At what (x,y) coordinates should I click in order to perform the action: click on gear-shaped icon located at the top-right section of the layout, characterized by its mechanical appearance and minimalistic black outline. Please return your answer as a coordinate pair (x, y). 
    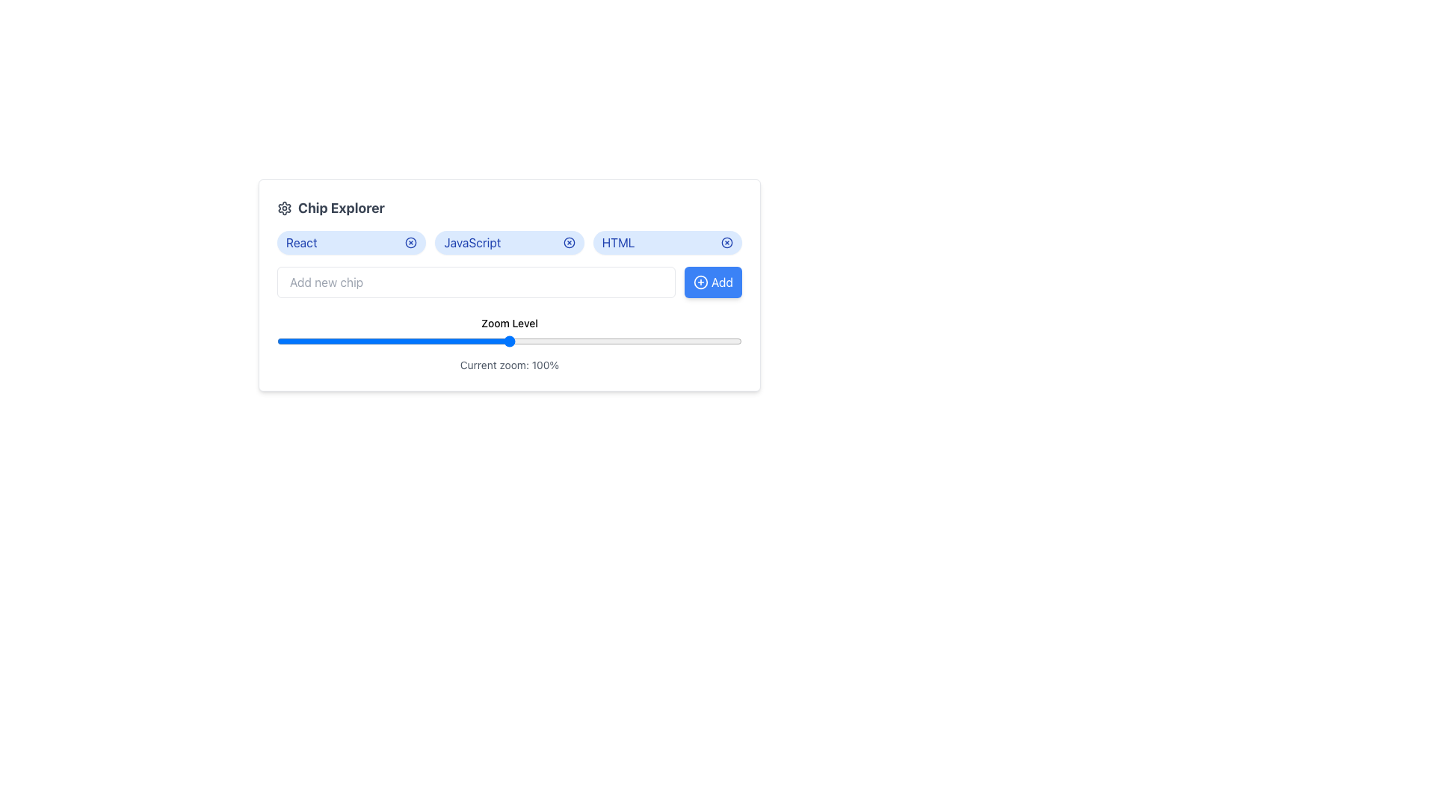
    Looking at the image, I should click on (284, 208).